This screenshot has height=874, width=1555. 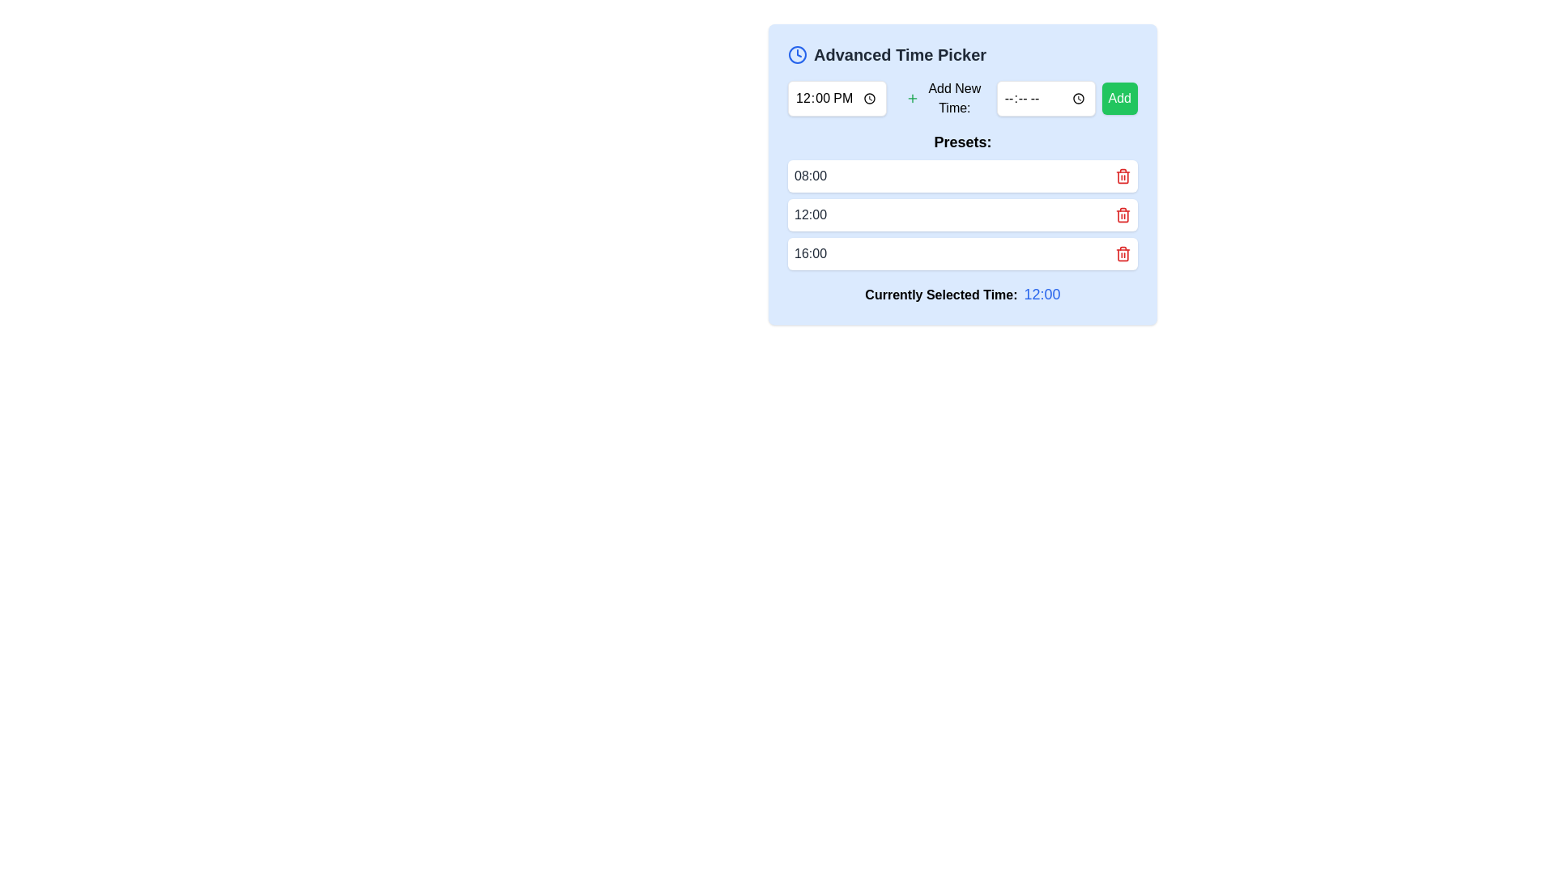 I want to click on the red trash bin icon, so click(x=1123, y=177).